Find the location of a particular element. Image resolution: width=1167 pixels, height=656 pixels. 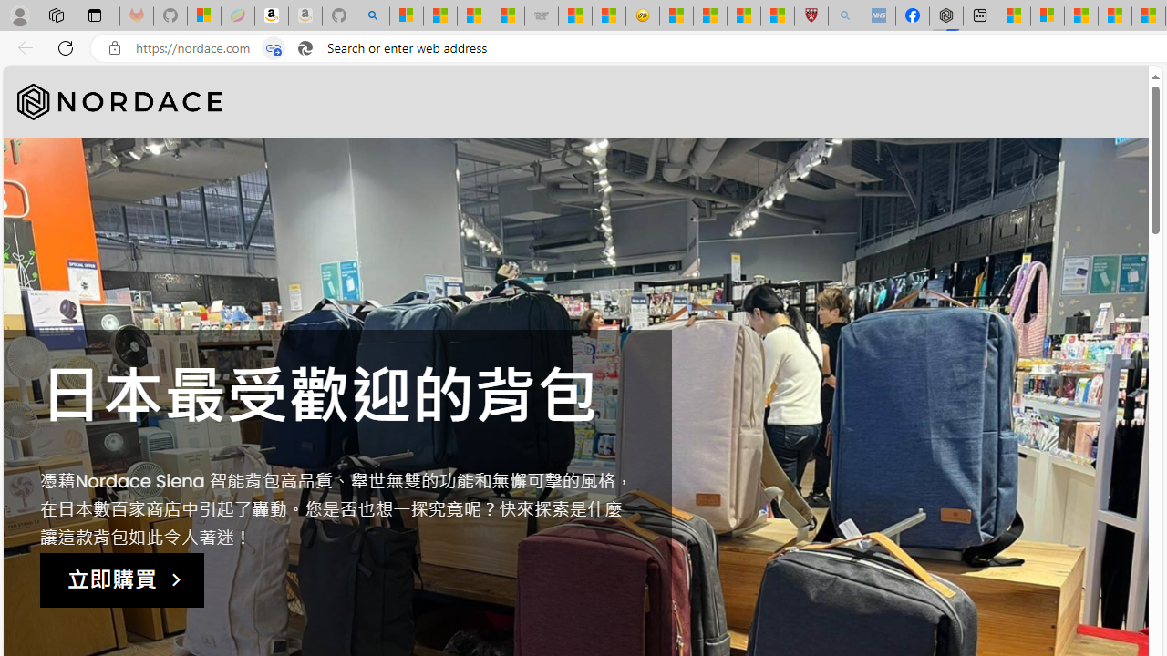

'Refresh' is located at coordinates (66, 46).